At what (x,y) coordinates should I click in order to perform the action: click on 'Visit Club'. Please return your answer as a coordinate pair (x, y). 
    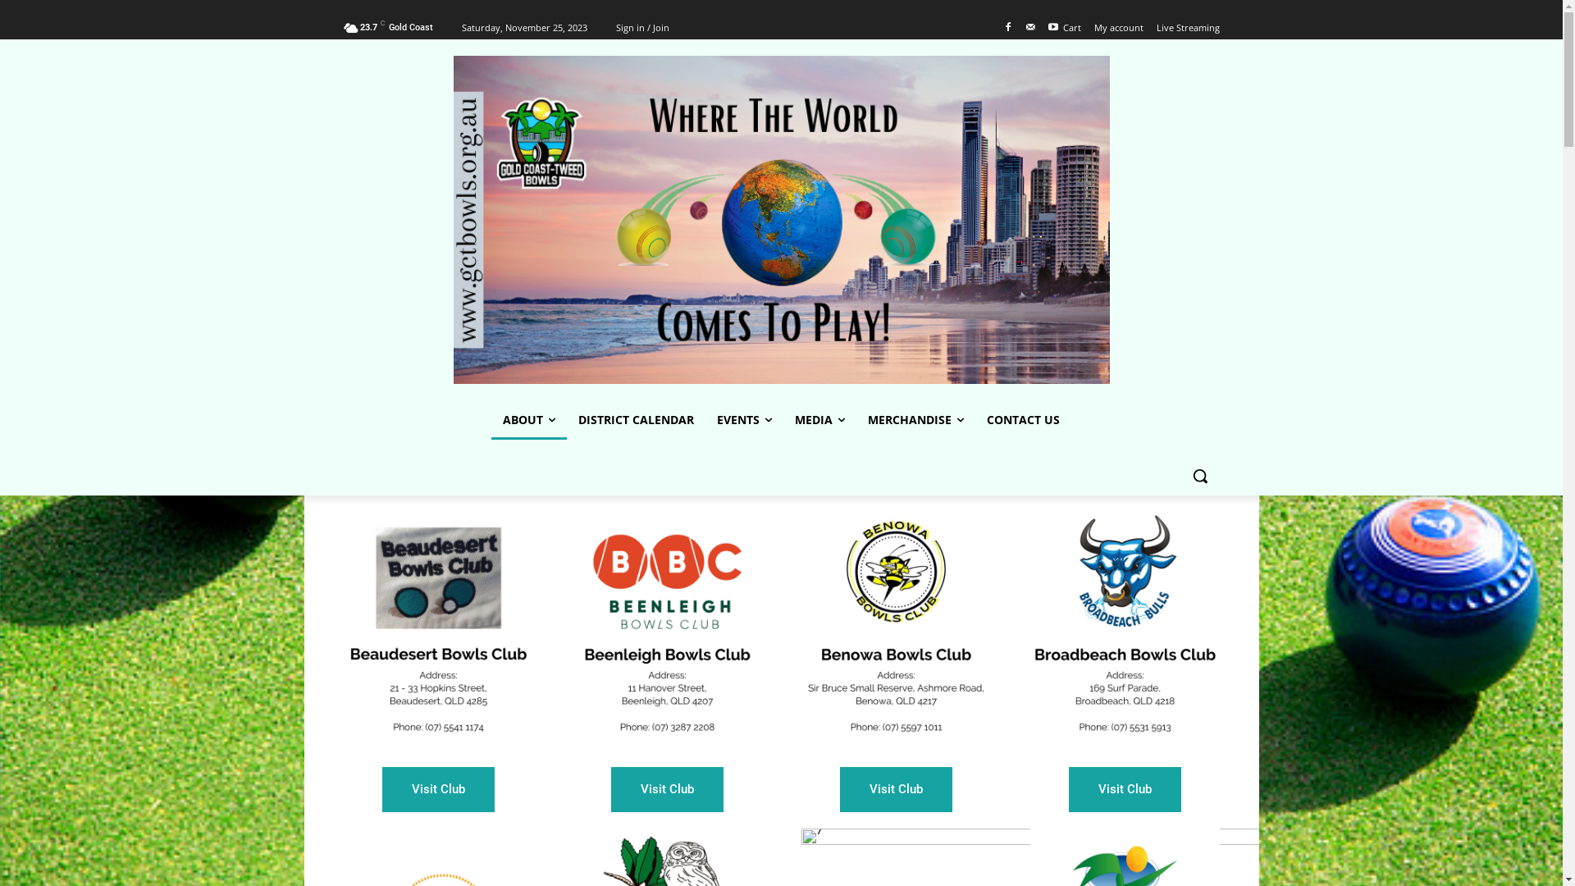
    Looking at the image, I should click on (1067, 788).